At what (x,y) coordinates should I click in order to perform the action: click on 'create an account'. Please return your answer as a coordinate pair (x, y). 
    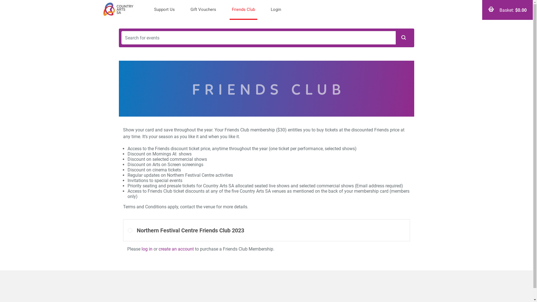
    Looking at the image, I should click on (175, 249).